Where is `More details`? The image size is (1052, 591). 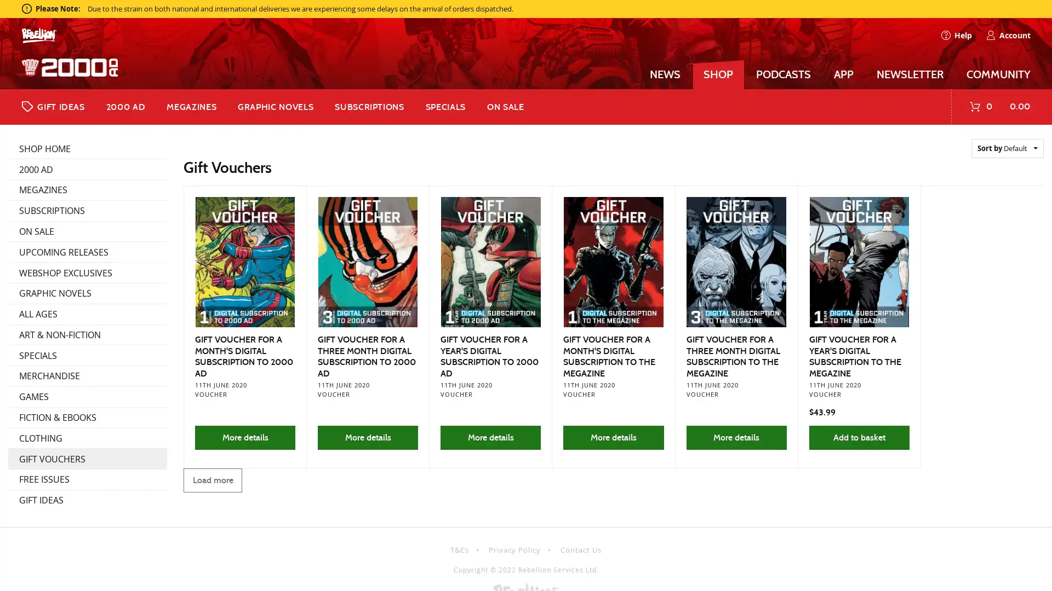 More details is located at coordinates (490, 437).